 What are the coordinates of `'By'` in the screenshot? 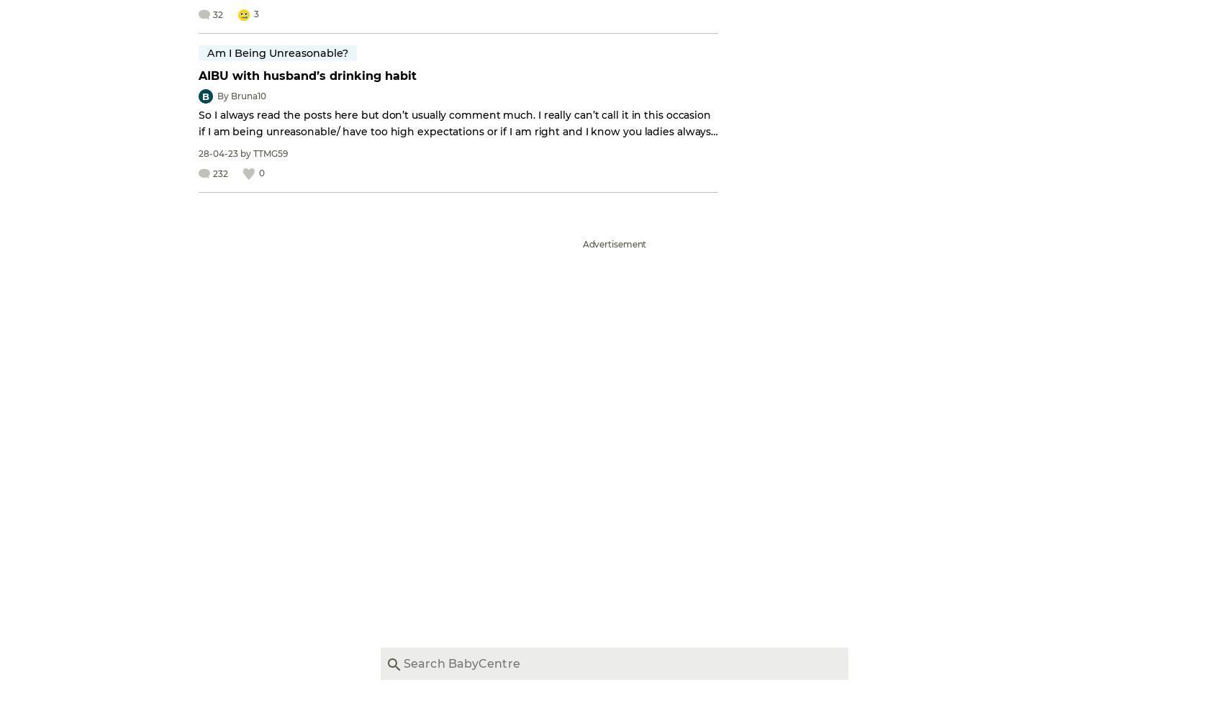 It's located at (223, 96).